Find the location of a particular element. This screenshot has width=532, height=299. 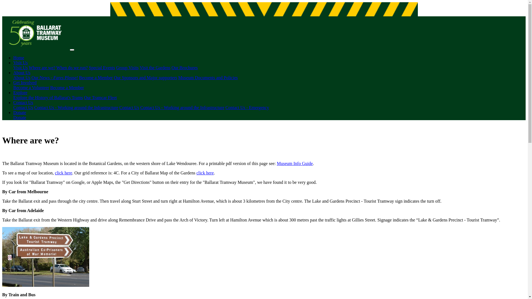

'Contact Us - Working around the Infrastructure' is located at coordinates (34, 107).